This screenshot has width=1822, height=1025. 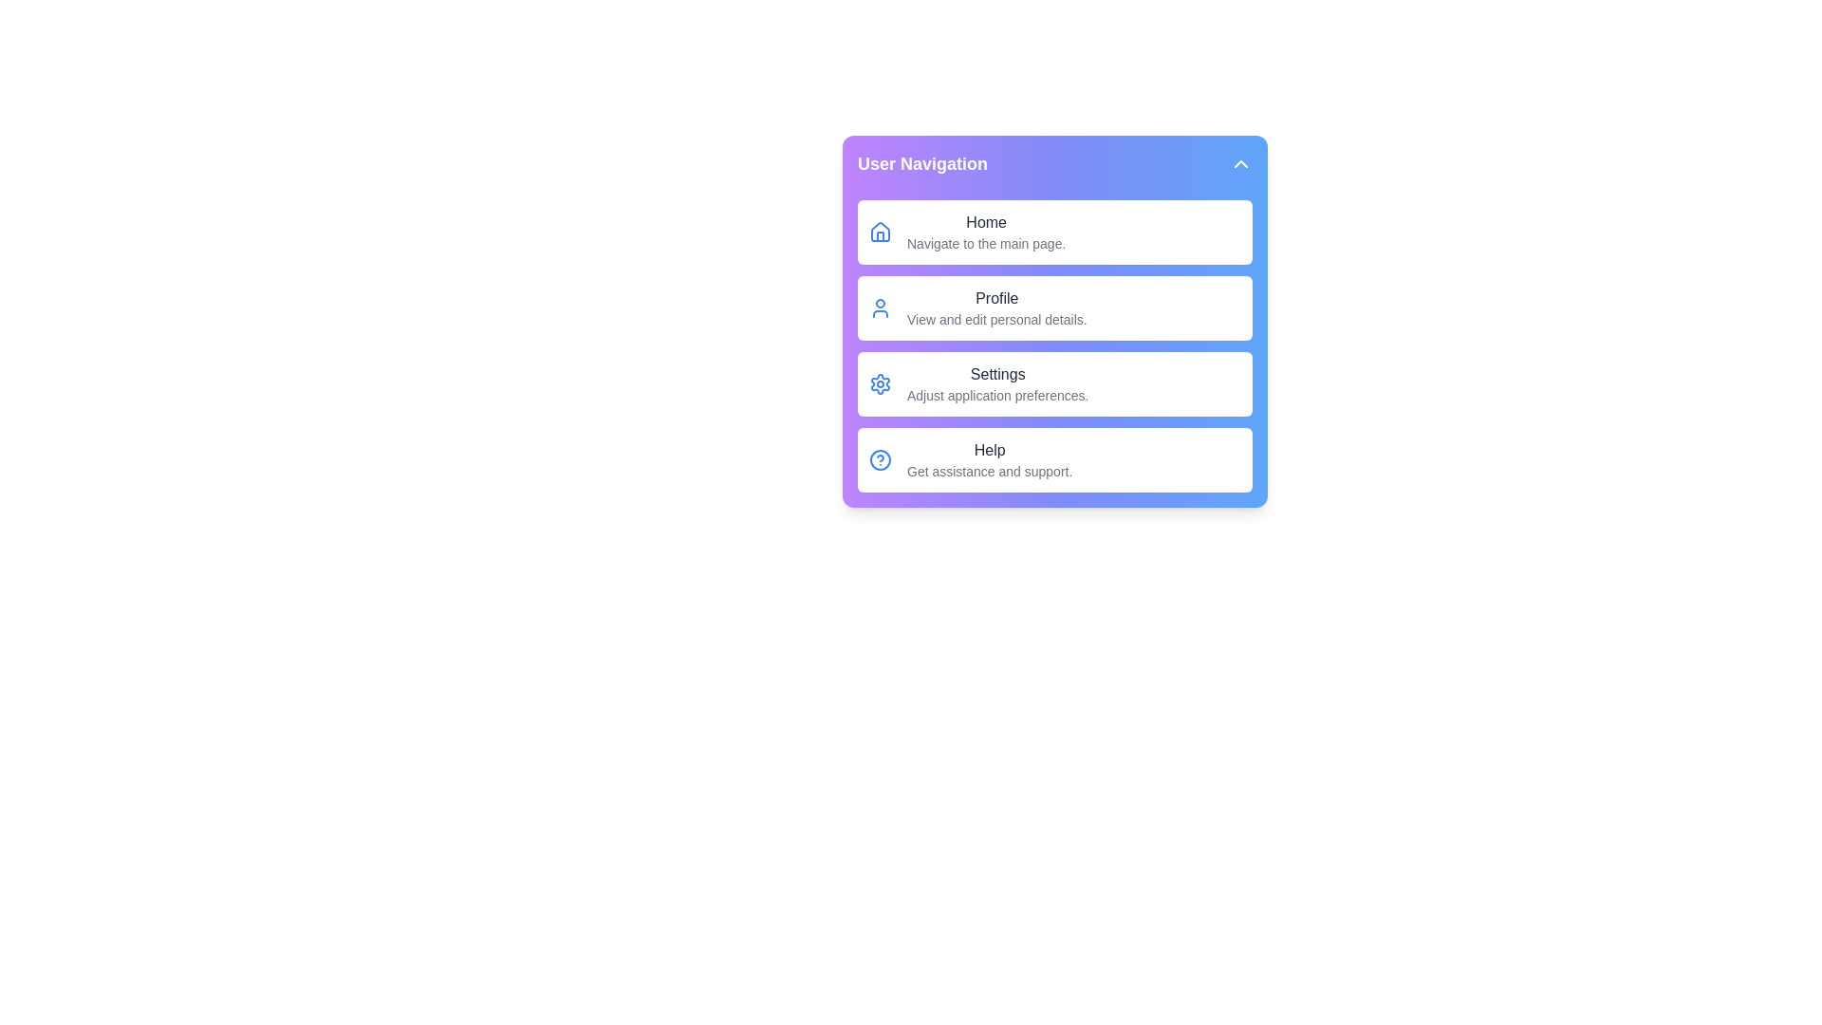 What do you see at coordinates (879, 307) in the screenshot?
I see `the Profile icon in the dropdown menu` at bounding box center [879, 307].